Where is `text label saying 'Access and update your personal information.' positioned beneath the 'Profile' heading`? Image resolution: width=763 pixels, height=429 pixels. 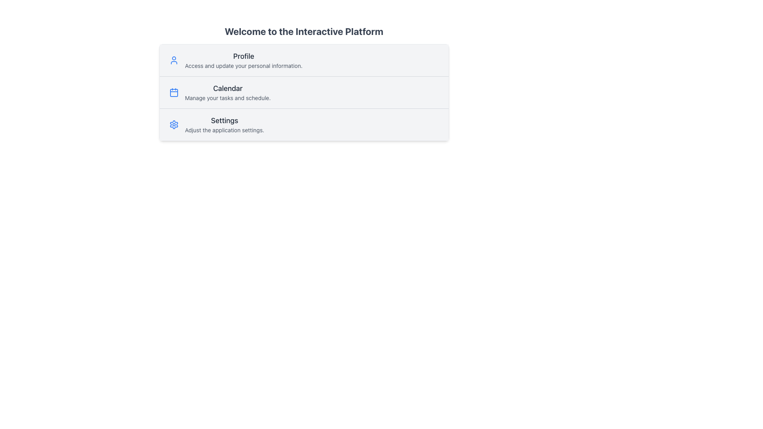 text label saying 'Access and update your personal information.' positioned beneath the 'Profile' heading is located at coordinates (243, 65).